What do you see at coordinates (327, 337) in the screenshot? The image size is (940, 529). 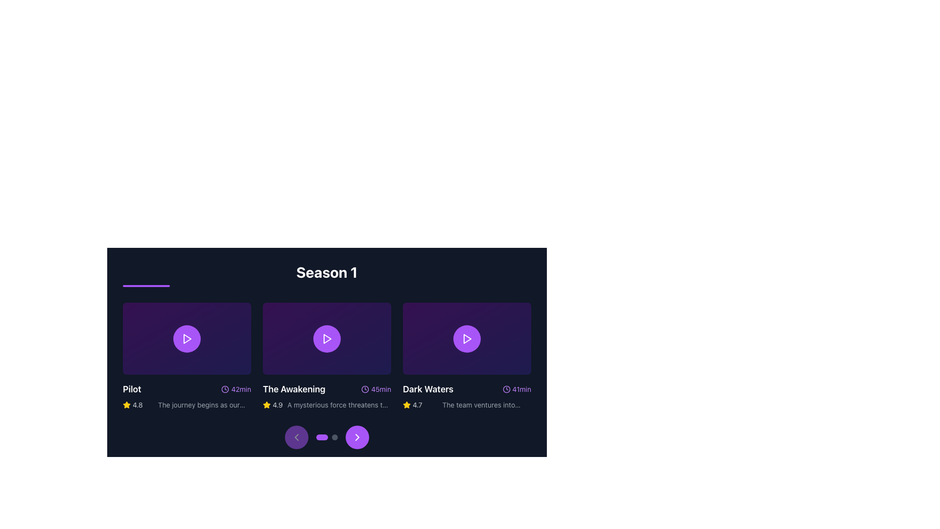 I see `the triangular play icon button within the card labeled 'The Awakening'` at bounding box center [327, 337].